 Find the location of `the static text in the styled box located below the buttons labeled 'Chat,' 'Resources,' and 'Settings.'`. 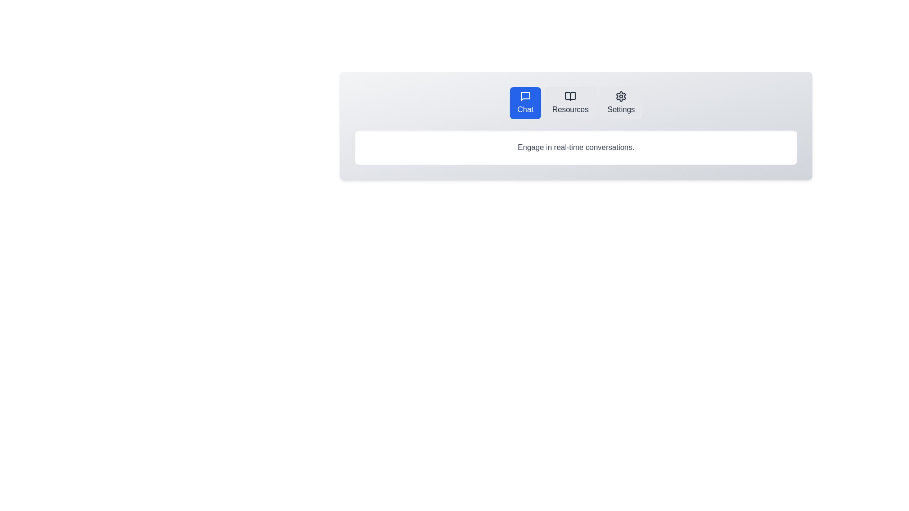

the static text in the styled box located below the buttons labeled 'Chat,' 'Resources,' and 'Settings.' is located at coordinates (576, 148).